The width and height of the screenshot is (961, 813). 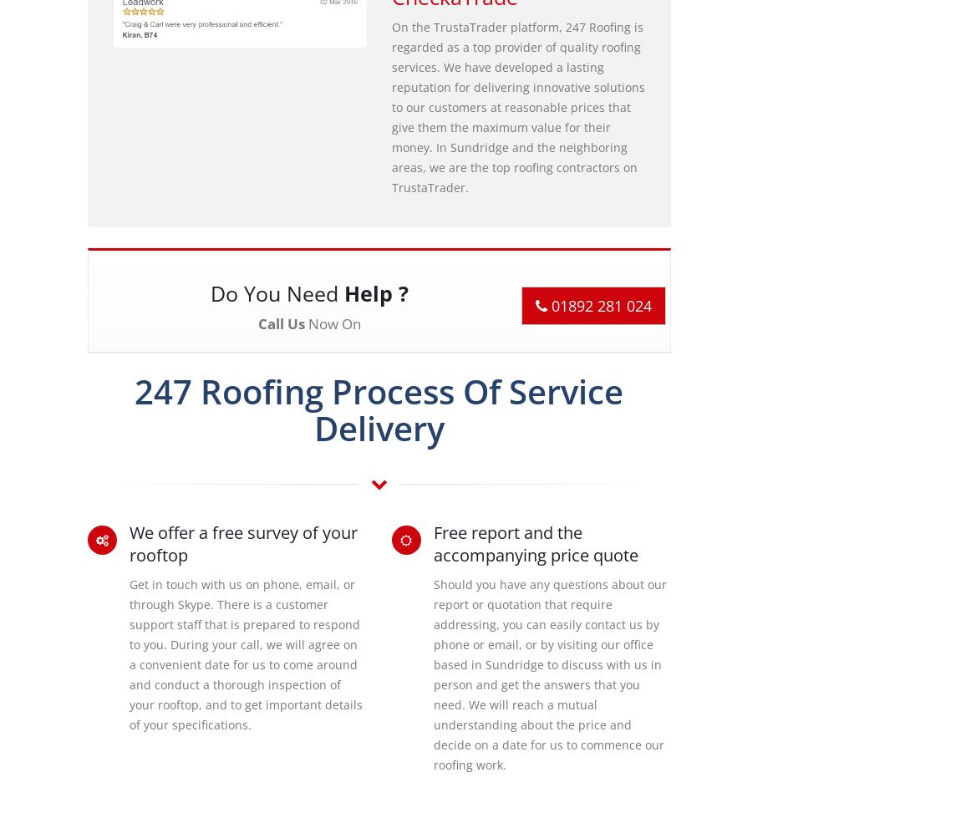 What do you see at coordinates (246, 653) in the screenshot?
I see `'Get in touch with us on phone, email, or through Skype. There is a customer support staff that is prepared to respond to you. During your call, we will agree on a convenient date for us to come around and conduct a thorough inspection of your rooftop, and to get important details of your specifications.'` at bounding box center [246, 653].